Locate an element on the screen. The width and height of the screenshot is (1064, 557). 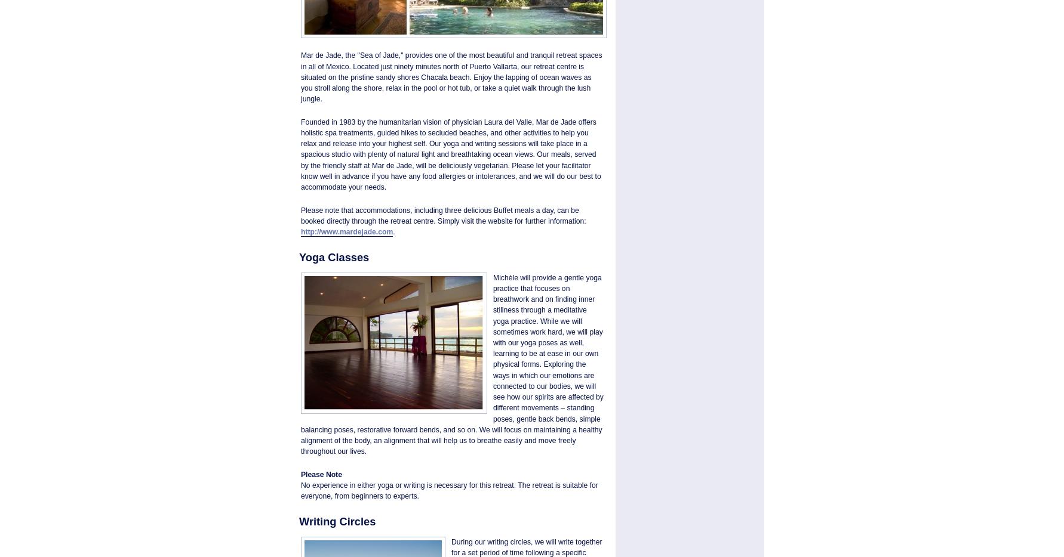
'.' is located at coordinates (393, 230).